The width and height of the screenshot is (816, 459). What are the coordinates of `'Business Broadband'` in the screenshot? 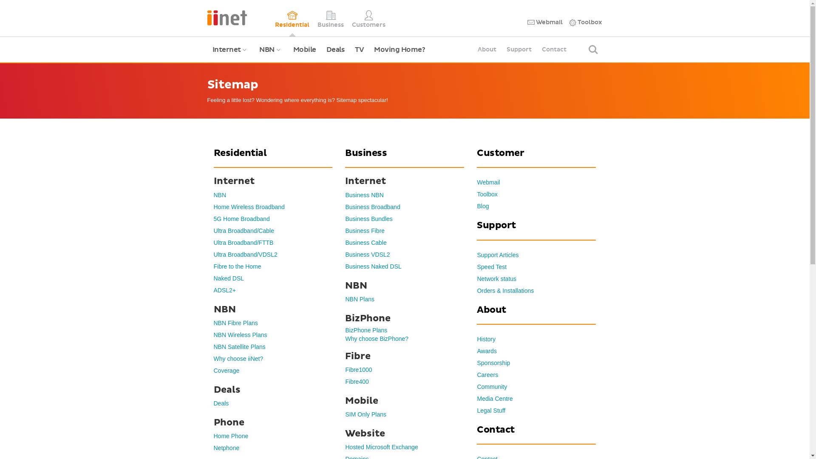 It's located at (372, 207).